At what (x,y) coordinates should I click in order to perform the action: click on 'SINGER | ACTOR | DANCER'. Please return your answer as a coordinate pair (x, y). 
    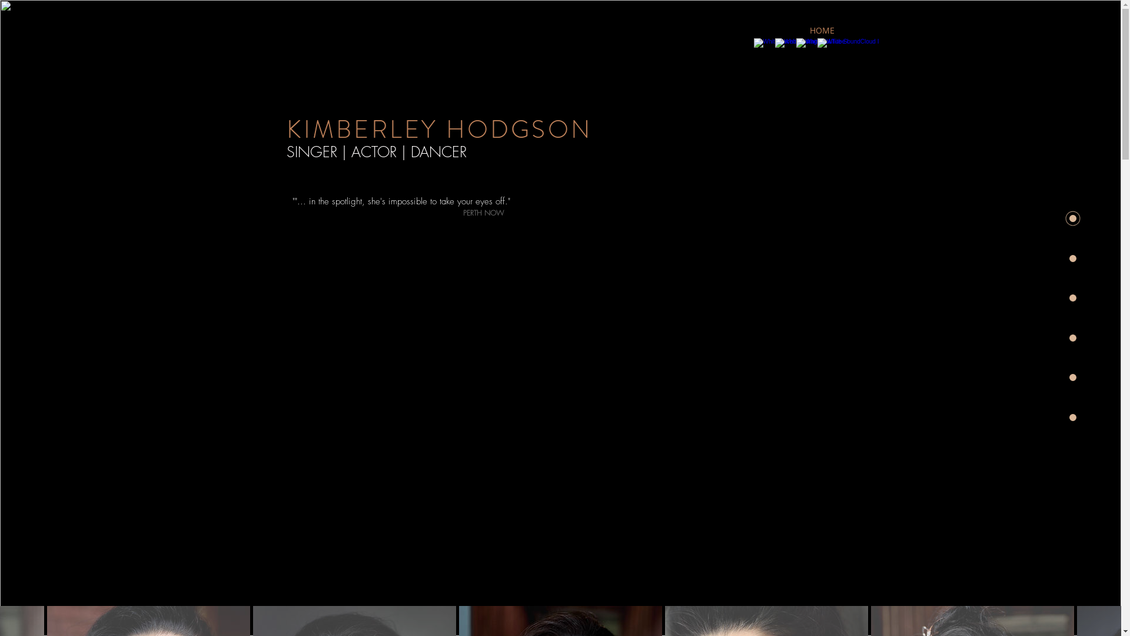
    Looking at the image, I should click on (375, 151).